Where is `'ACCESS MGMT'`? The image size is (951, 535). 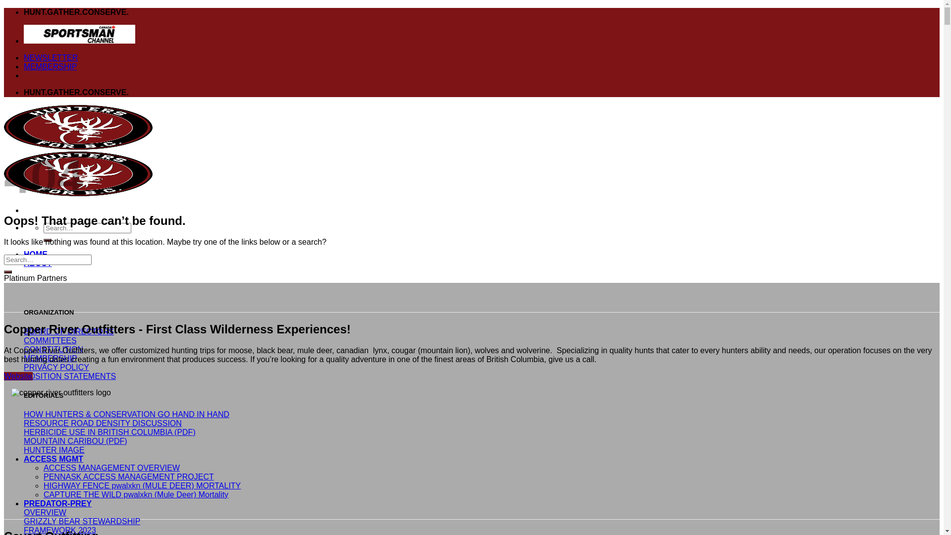 'ACCESS MGMT' is located at coordinates (53, 459).